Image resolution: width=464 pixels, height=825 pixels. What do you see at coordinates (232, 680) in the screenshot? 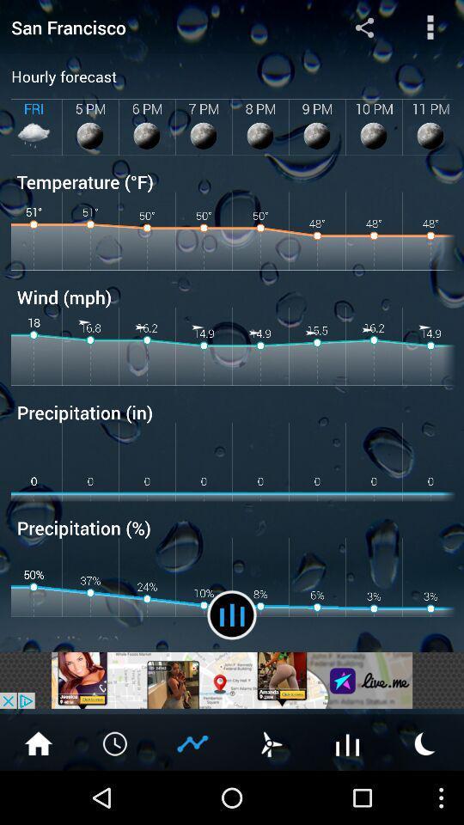
I see `it pop up add` at bounding box center [232, 680].